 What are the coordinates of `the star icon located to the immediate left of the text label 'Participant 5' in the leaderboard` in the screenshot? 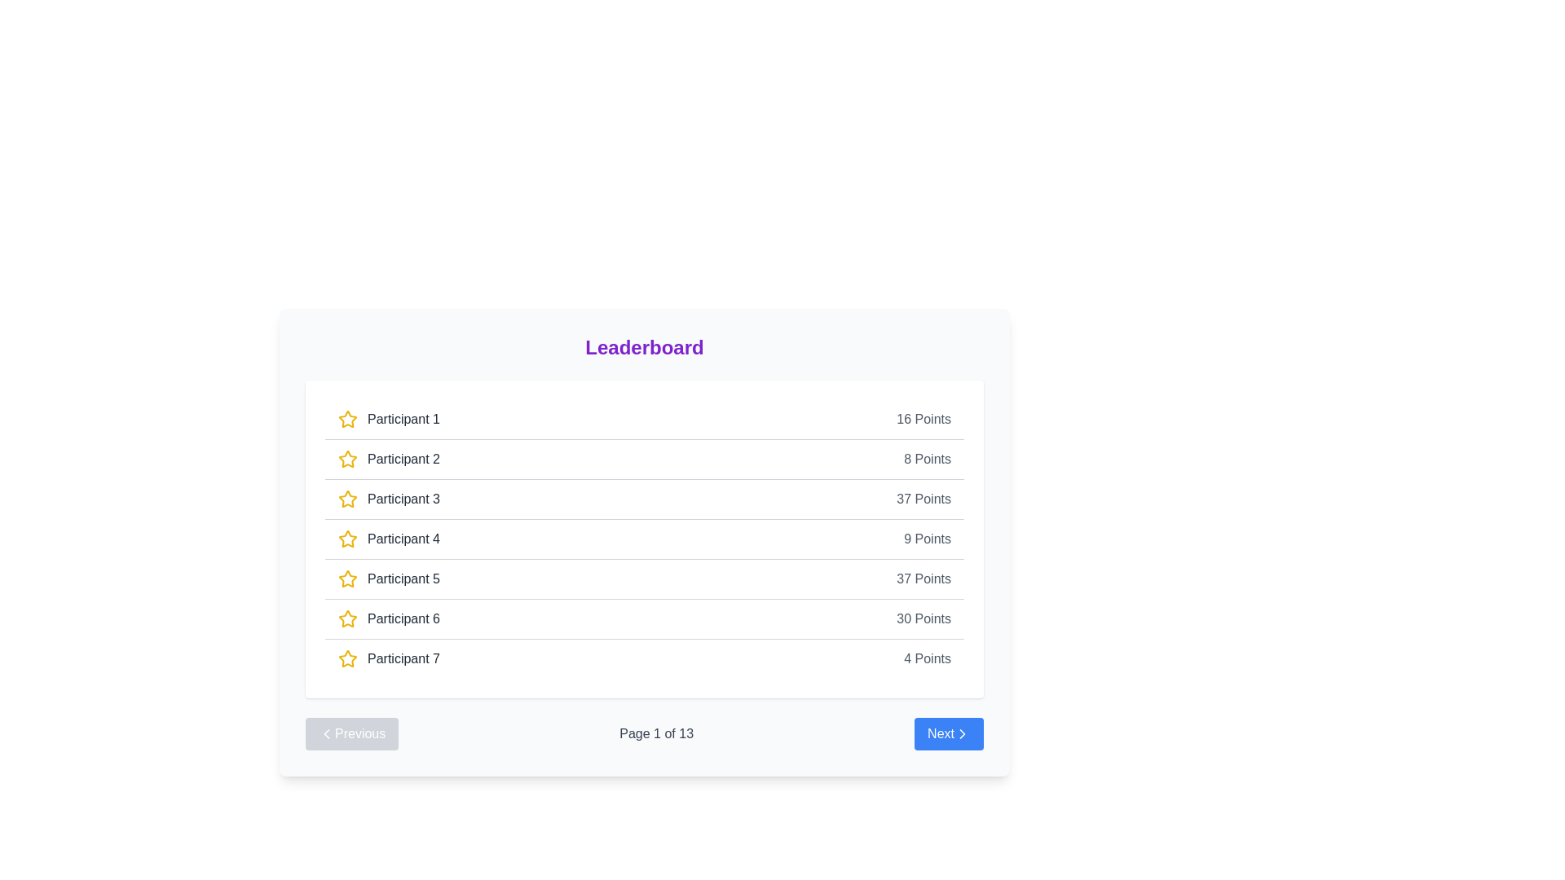 It's located at (347, 578).